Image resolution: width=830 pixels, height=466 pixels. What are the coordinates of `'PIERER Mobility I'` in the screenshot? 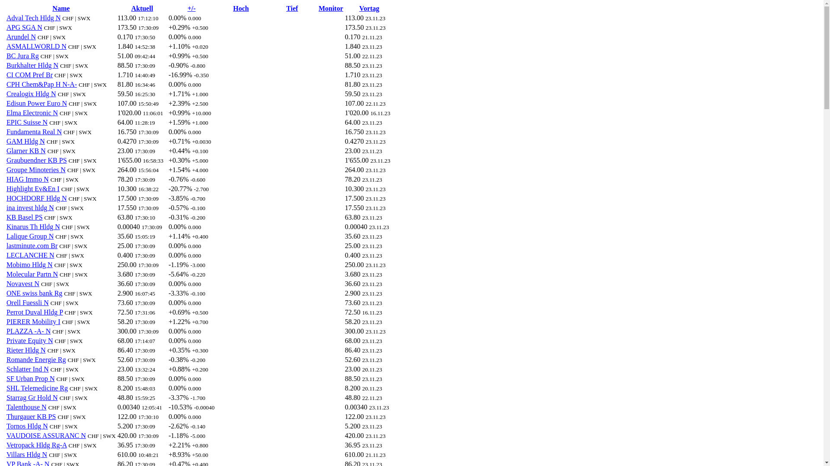 It's located at (33, 321).